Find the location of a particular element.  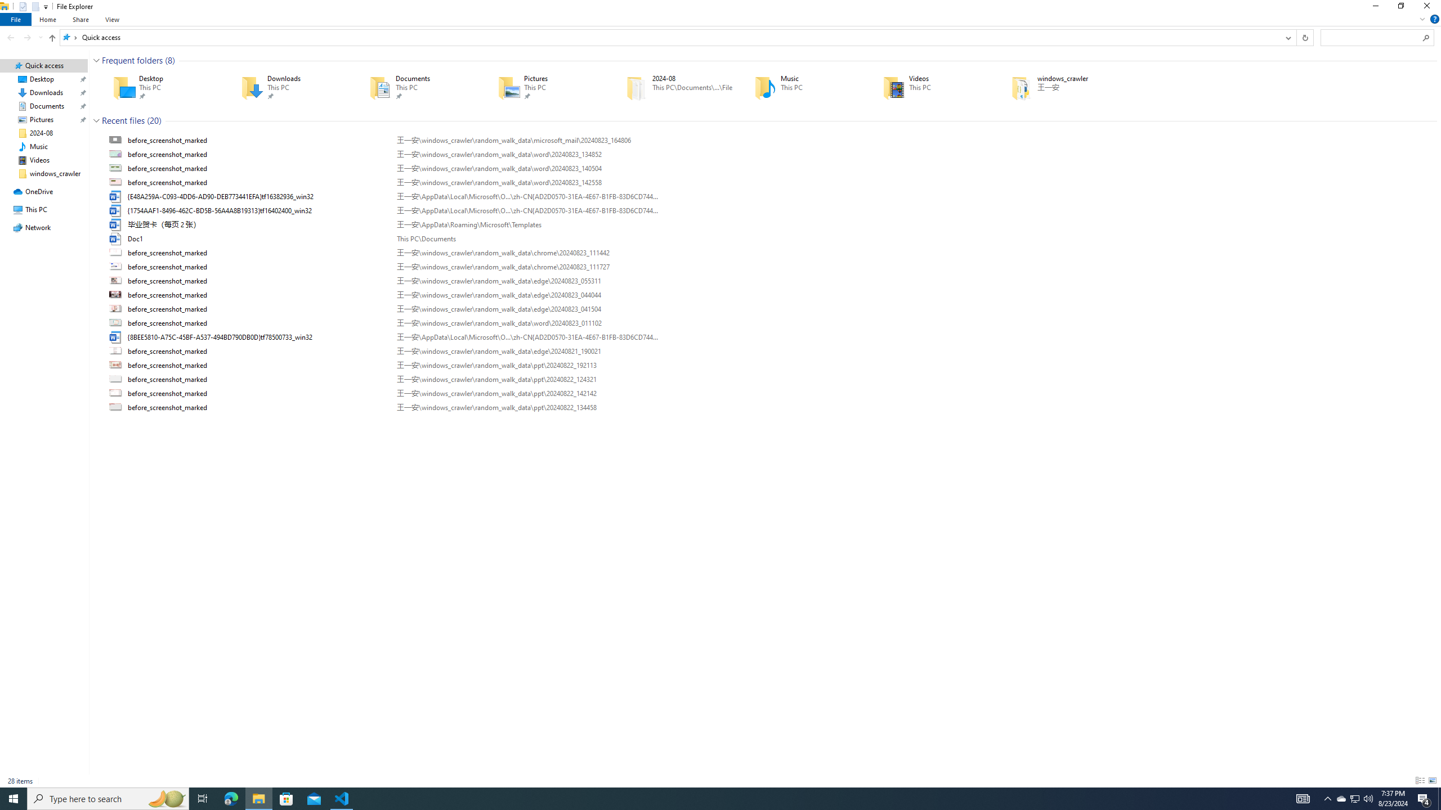

'2024-08' is located at coordinates (674, 87).